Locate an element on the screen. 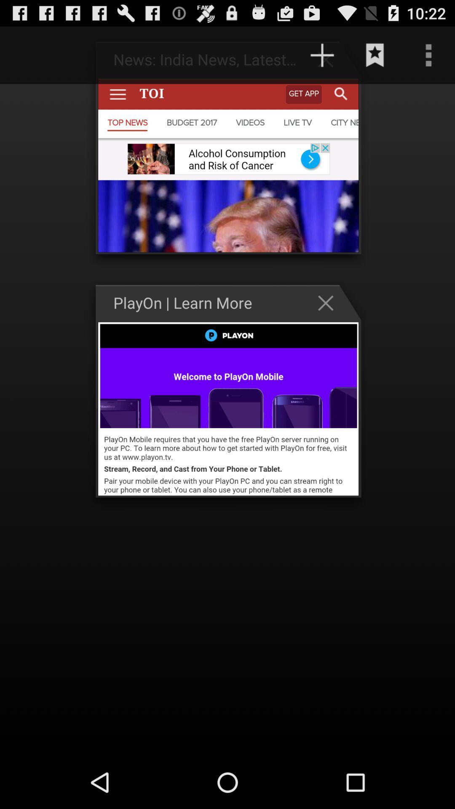 This screenshot has height=809, width=455. the http www playon item is located at coordinates (252, 55).